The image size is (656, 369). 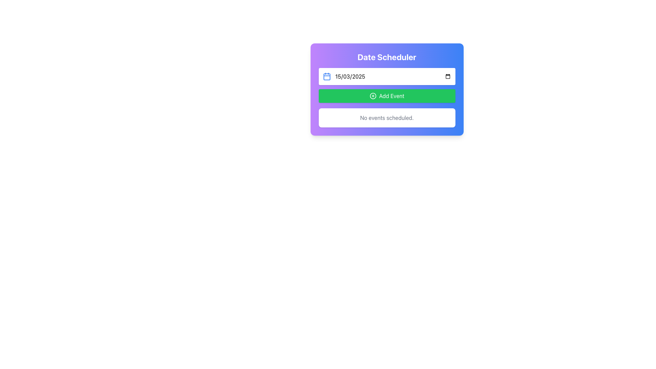 What do you see at coordinates (372, 96) in the screenshot?
I see `the 'Add Event' icon located to the left of the 'Add Event' text label` at bounding box center [372, 96].